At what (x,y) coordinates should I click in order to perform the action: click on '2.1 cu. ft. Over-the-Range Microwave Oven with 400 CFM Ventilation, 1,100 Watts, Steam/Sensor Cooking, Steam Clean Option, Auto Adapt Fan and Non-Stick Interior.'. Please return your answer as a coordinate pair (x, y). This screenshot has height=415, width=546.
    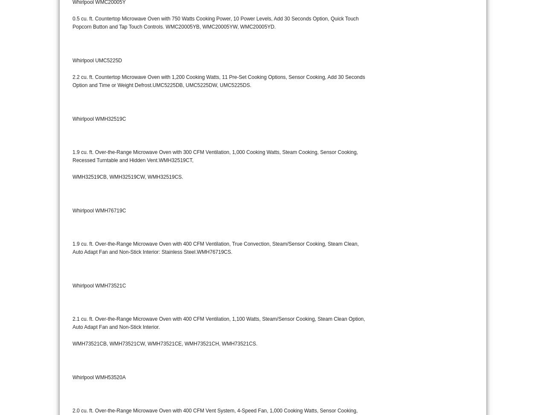
    Looking at the image, I should click on (218, 322).